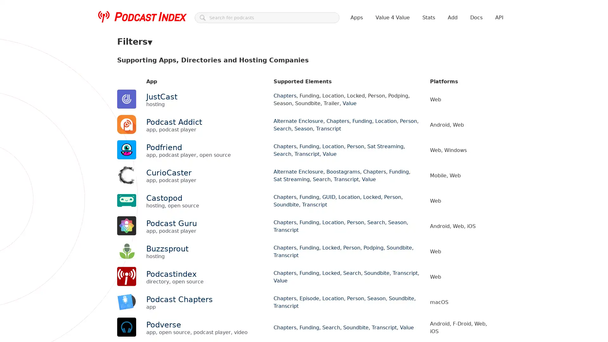  Describe the element at coordinates (313, 130) in the screenshot. I see `IOS` at that location.